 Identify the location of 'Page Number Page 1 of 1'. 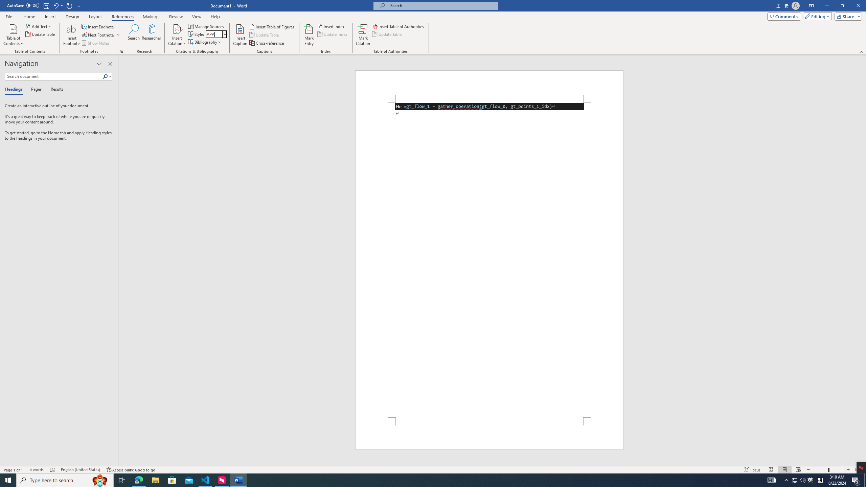
(14, 470).